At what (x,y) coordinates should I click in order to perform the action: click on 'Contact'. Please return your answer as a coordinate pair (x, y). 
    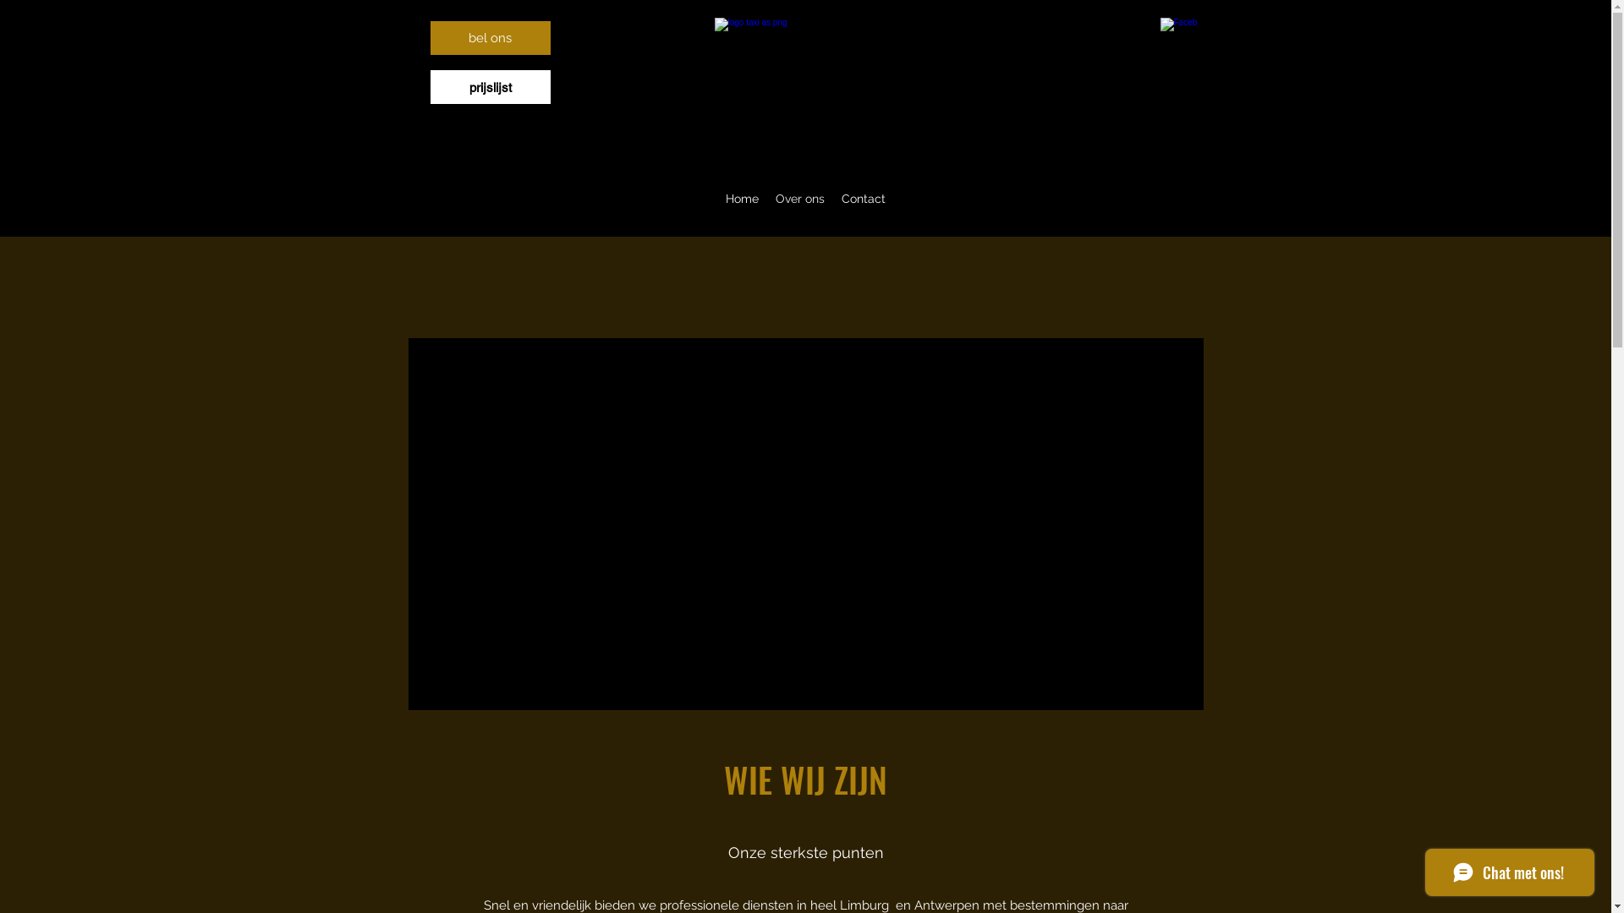
    Looking at the image, I should click on (832, 198).